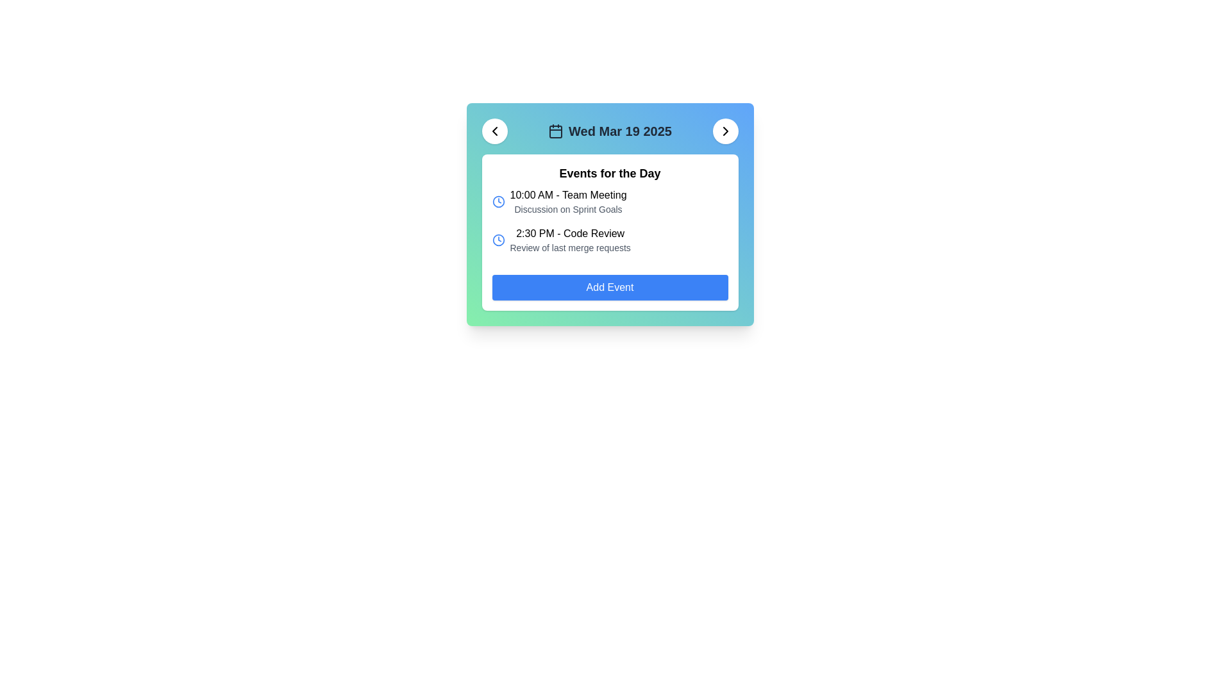 This screenshot has width=1231, height=692. I want to click on the date display, so click(609, 131).